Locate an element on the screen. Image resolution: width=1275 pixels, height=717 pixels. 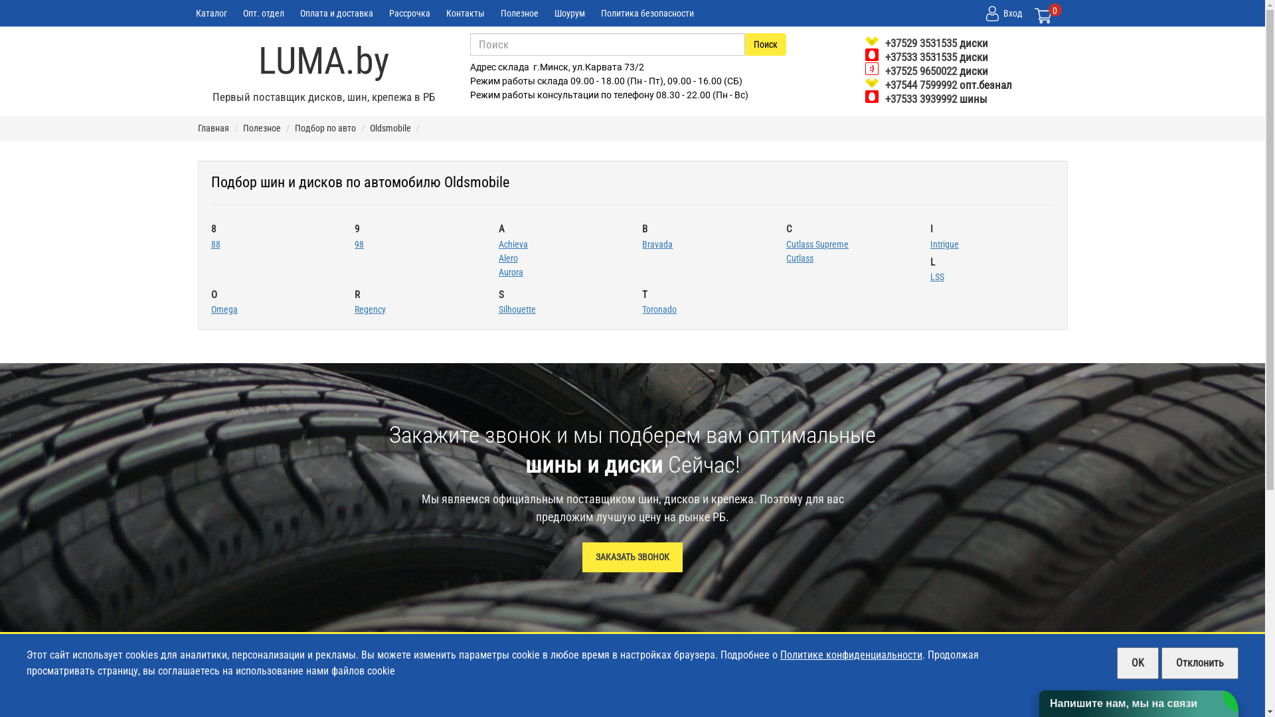
'Intrigue' is located at coordinates (944, 244).